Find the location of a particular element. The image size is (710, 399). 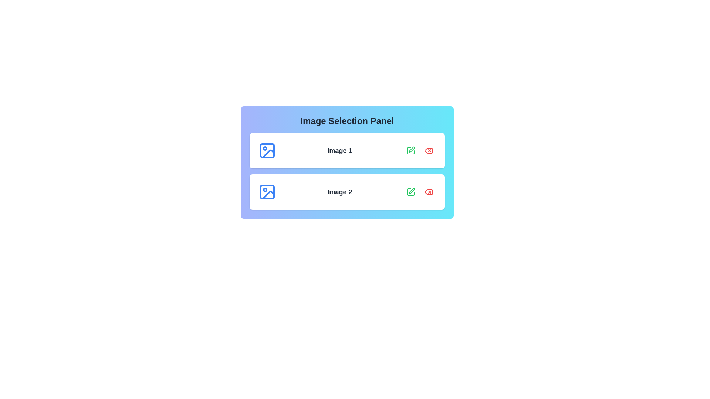

the delete button located in the upper section of the panel, to the far right of the controls for 'Image 1', adjacent to the green-edit button is located at coordinates (428, 150).